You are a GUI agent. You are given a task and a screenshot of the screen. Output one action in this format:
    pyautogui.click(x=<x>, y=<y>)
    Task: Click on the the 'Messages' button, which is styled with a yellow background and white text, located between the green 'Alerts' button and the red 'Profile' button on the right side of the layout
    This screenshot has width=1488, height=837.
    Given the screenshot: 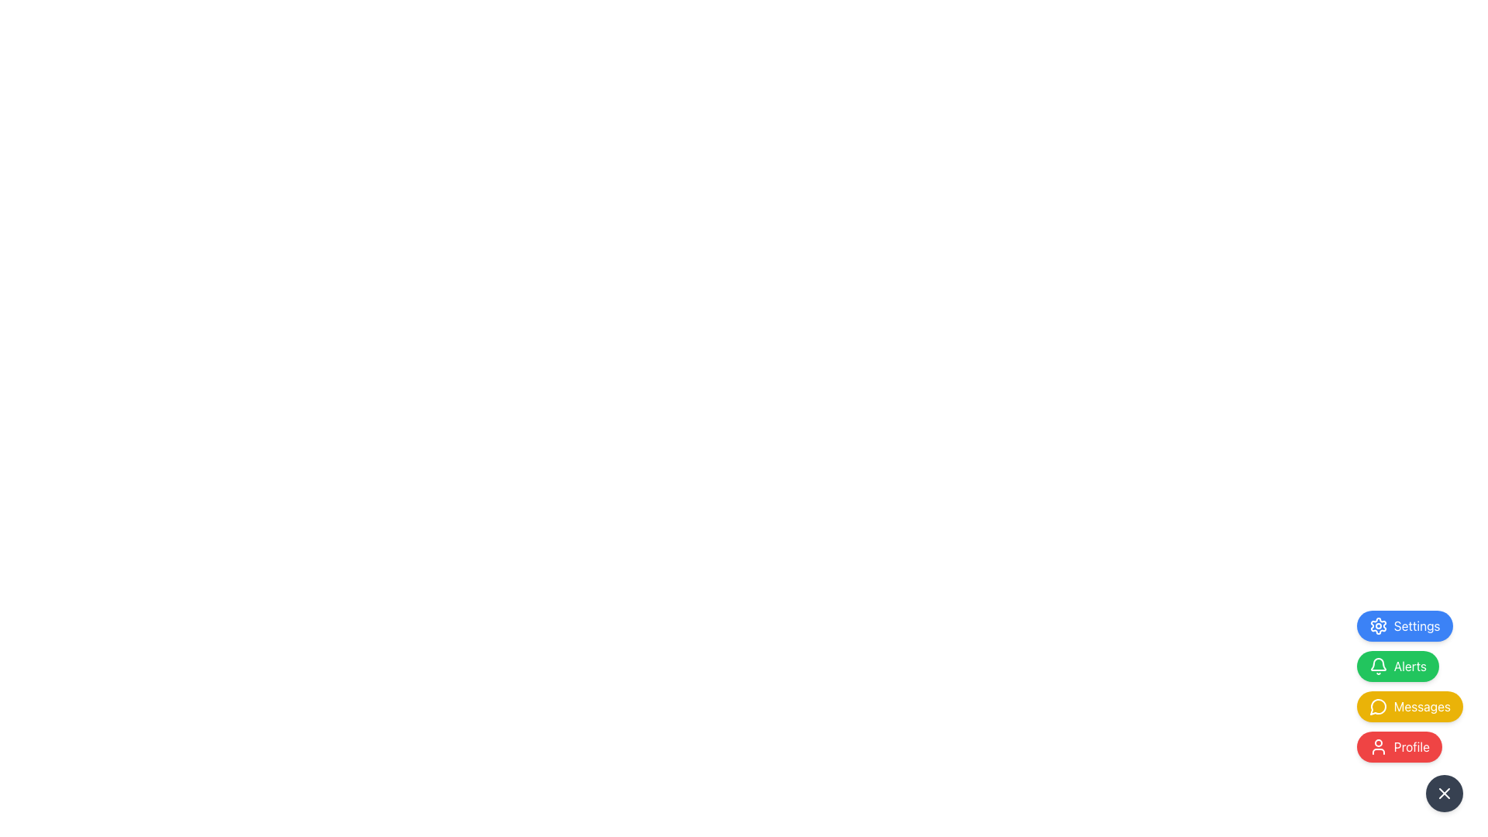 What is the action you would take?
    pyautogui.click(x=1410, y=706)
    